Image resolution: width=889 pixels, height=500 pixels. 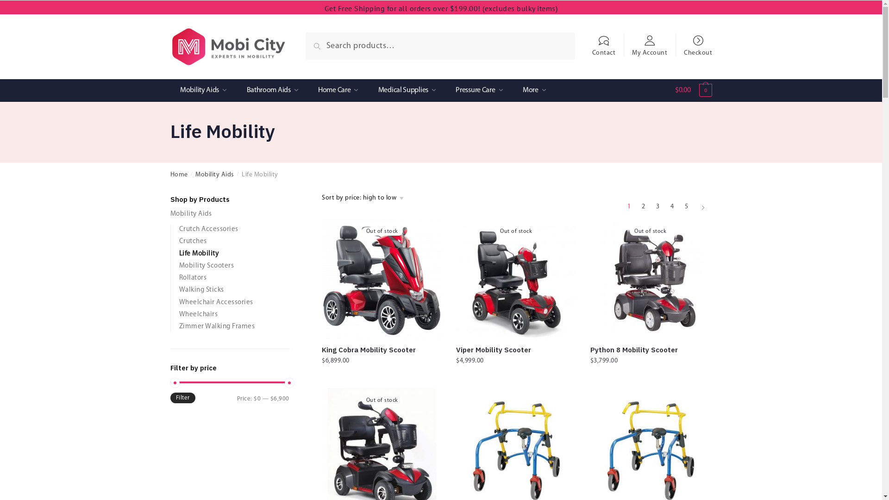 I want to click on 'Wheelchairs', so click(x=197, y=314).